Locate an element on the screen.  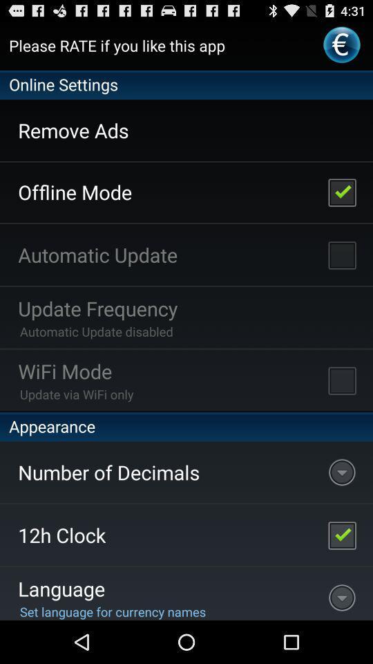
check mark for automatic update is located at coordinates (341, 254).